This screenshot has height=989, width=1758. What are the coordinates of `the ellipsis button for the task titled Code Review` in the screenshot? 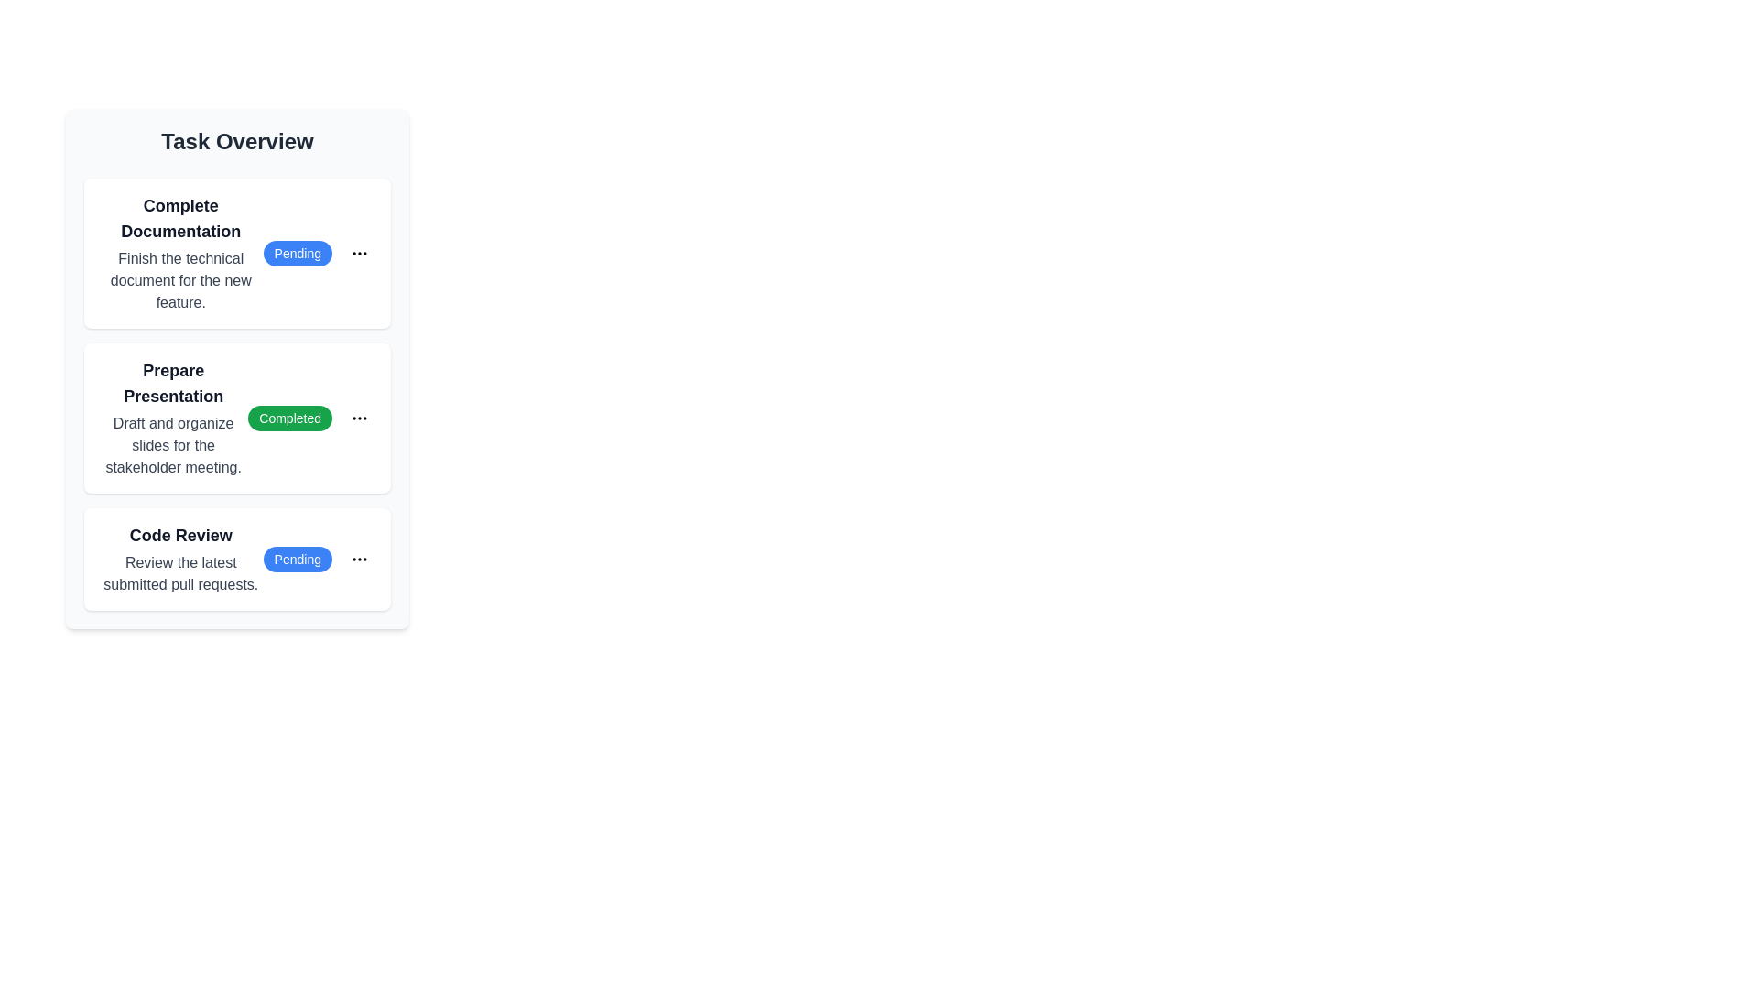 It's located at (360, 558).